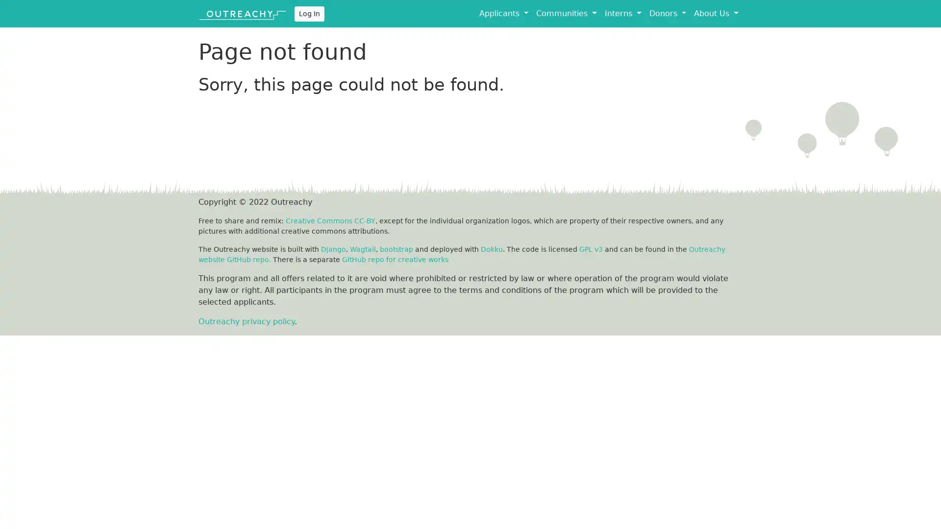 This screenshot has width=941, height=529. What do you see at coordinates (309, 13) in the screenshot?
I see `Log In` at bounding box center [309, 13].